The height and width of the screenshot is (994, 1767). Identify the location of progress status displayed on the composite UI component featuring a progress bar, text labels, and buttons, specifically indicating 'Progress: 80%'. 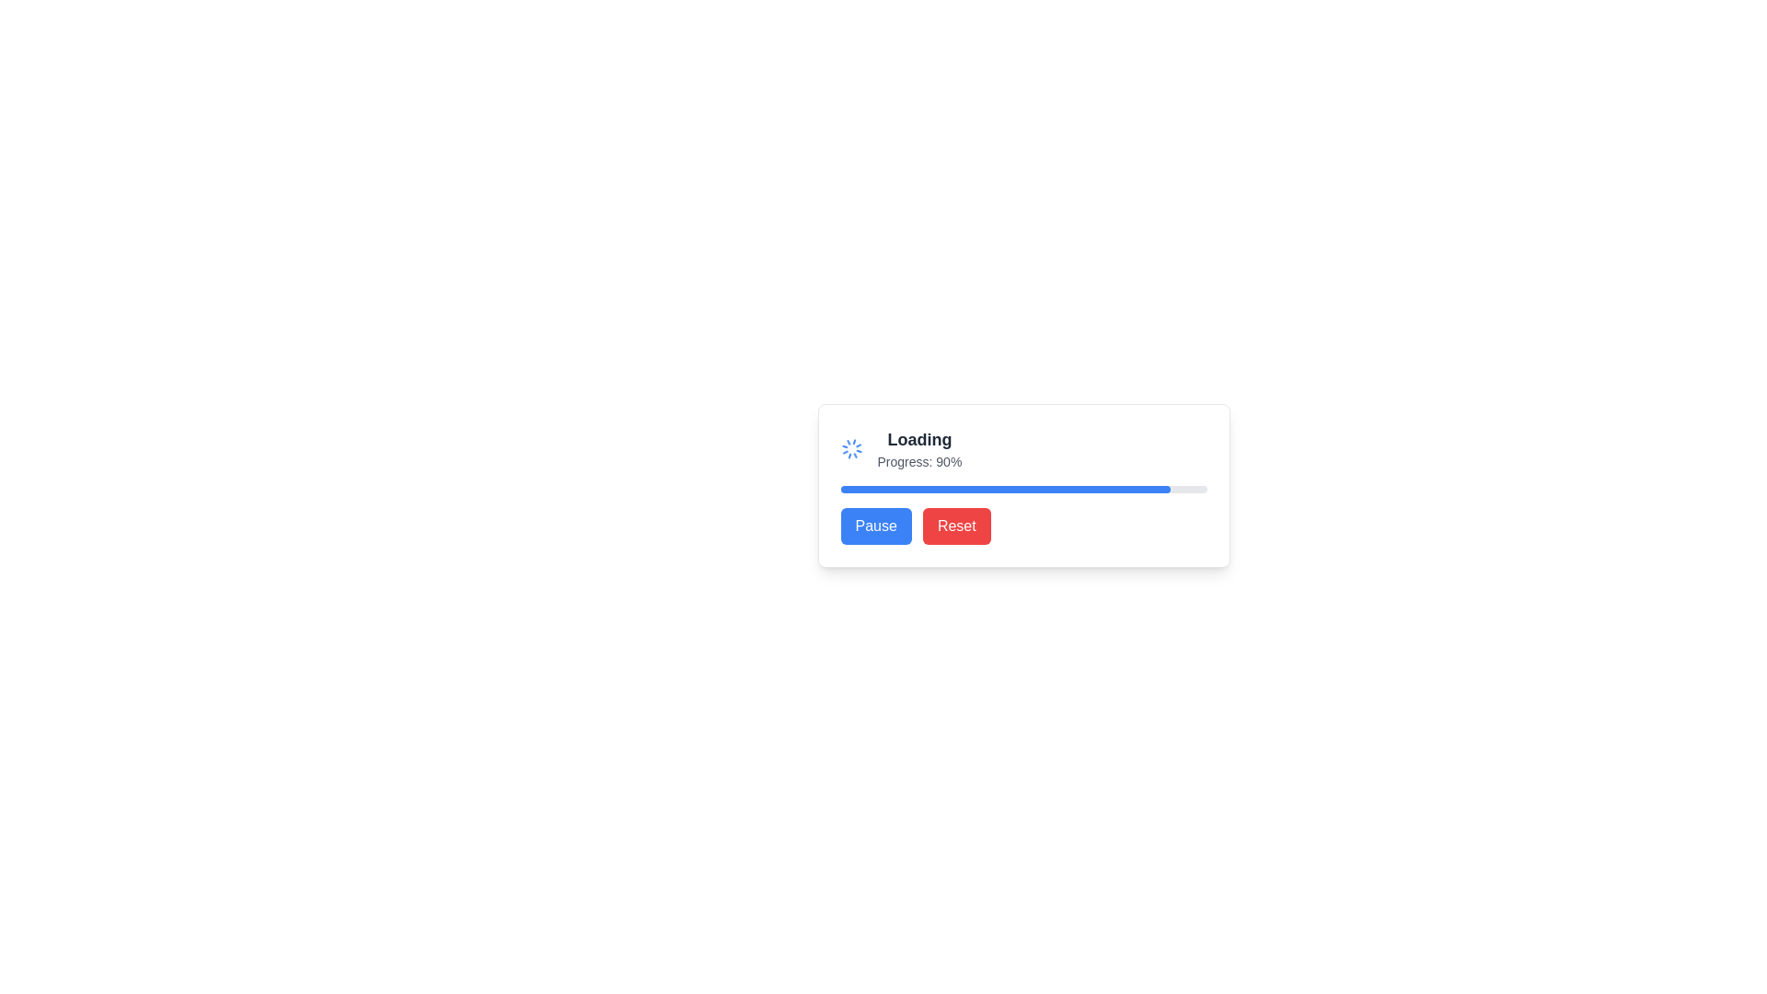
(1022, 485).